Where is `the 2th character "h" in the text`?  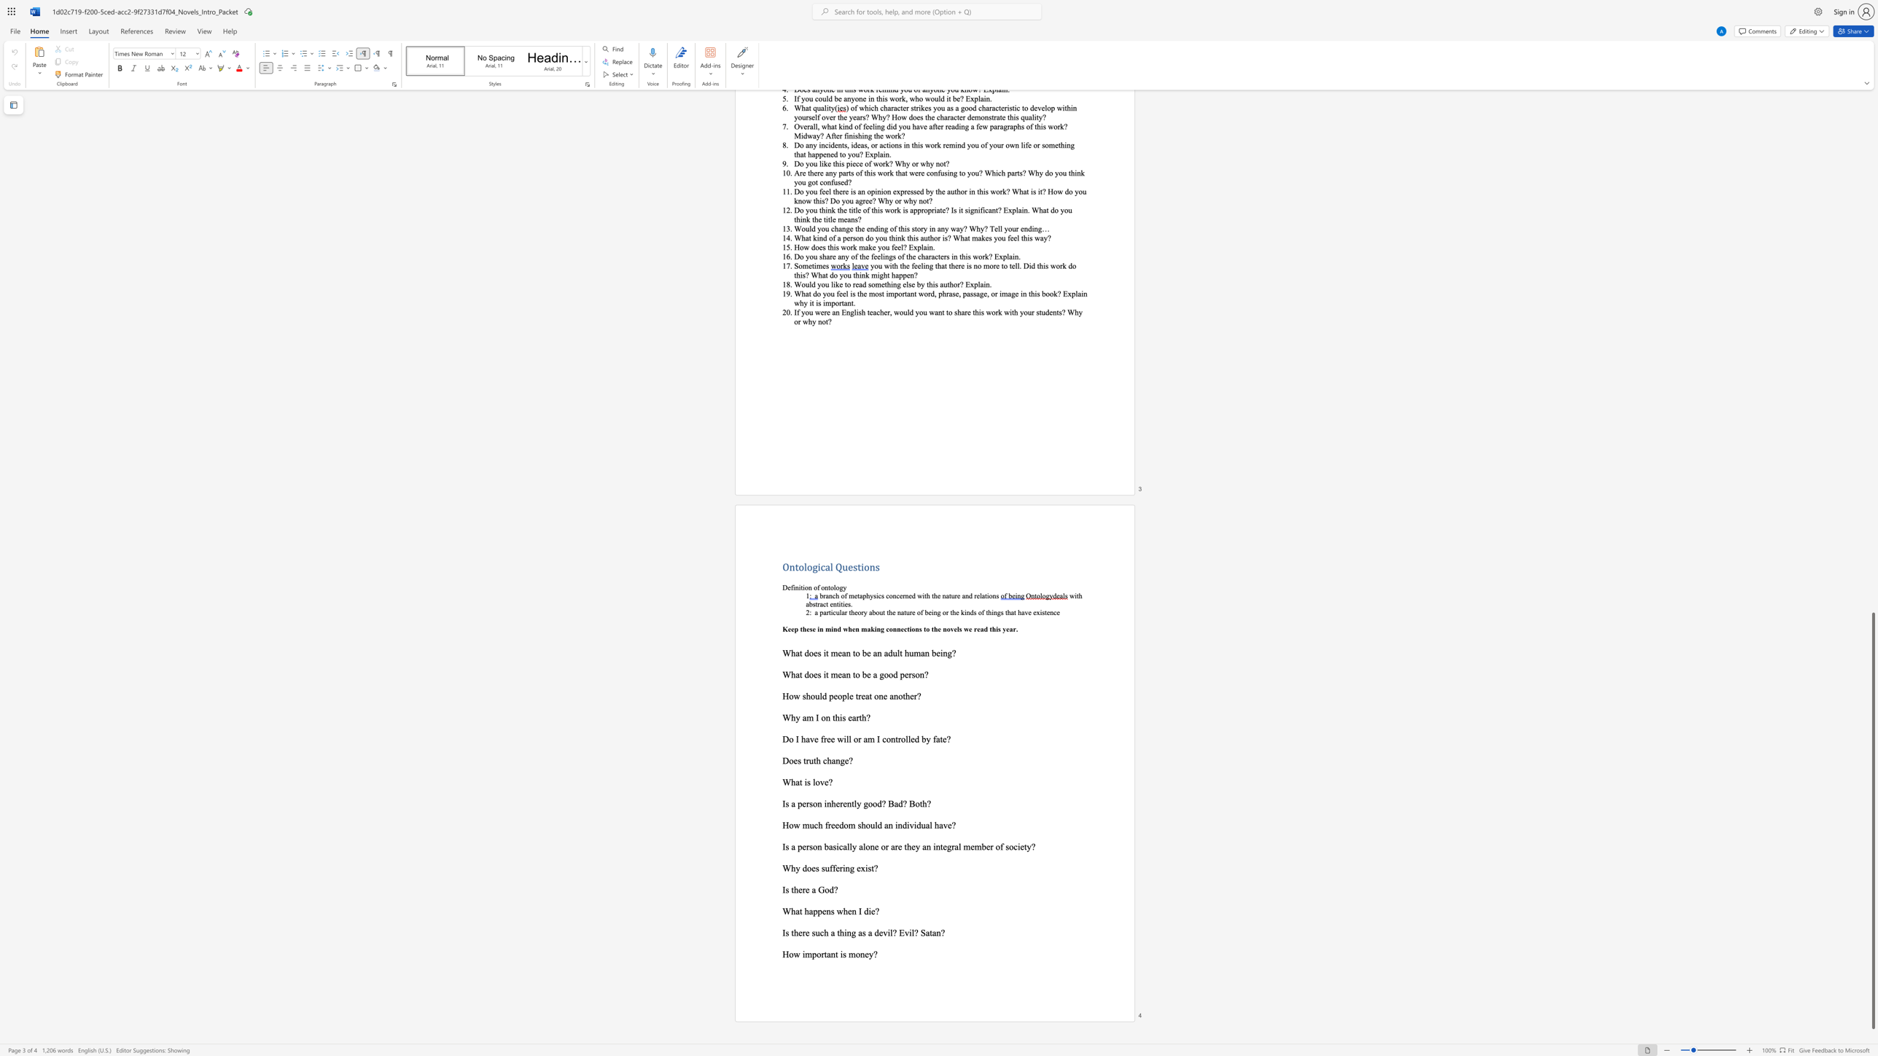
the 2th character "h" in the text is located at coordinates (806, 911).